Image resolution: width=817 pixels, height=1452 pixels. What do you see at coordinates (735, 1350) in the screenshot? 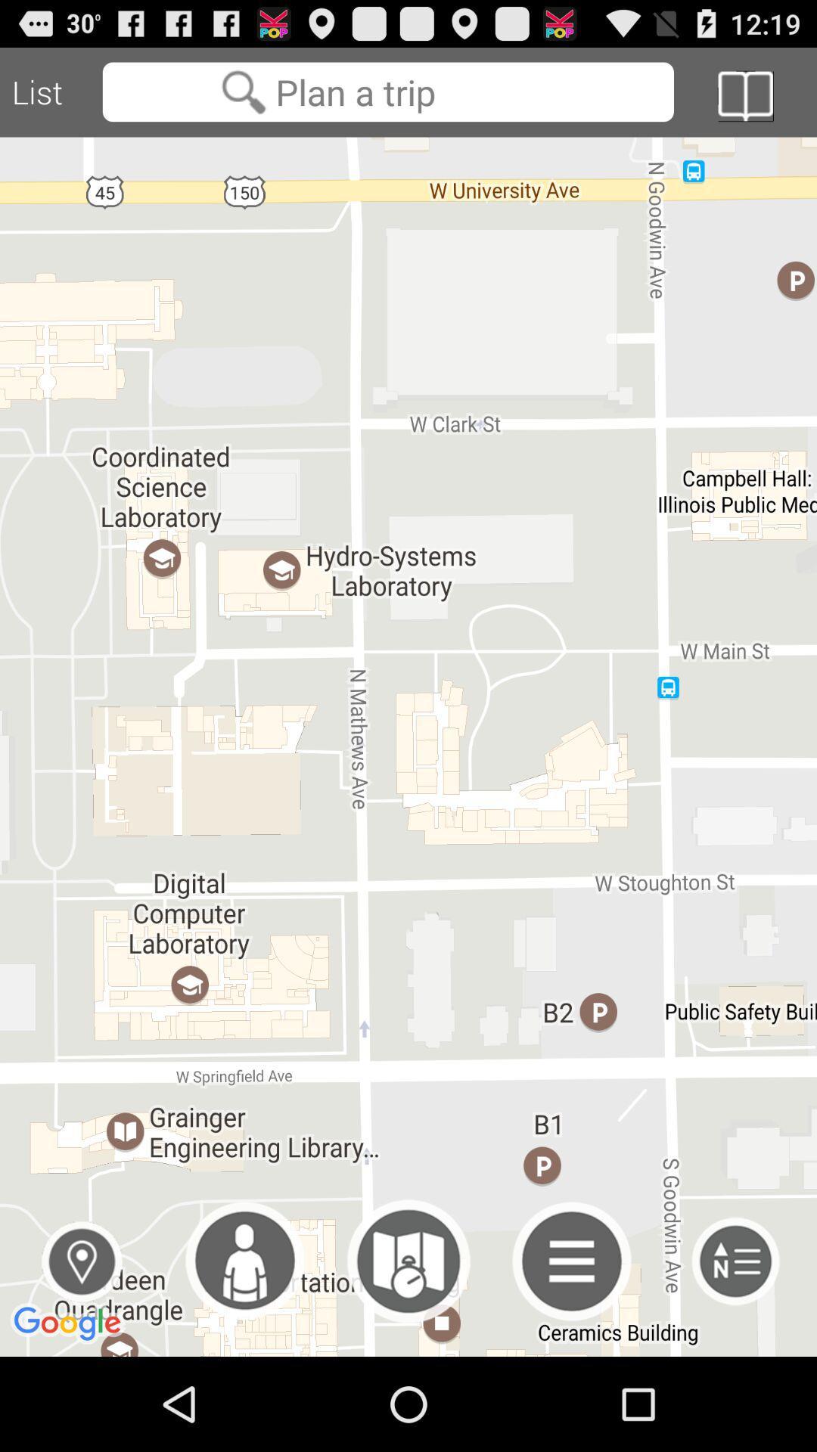
I see `the list icon` at bounding box center [735, 1350].